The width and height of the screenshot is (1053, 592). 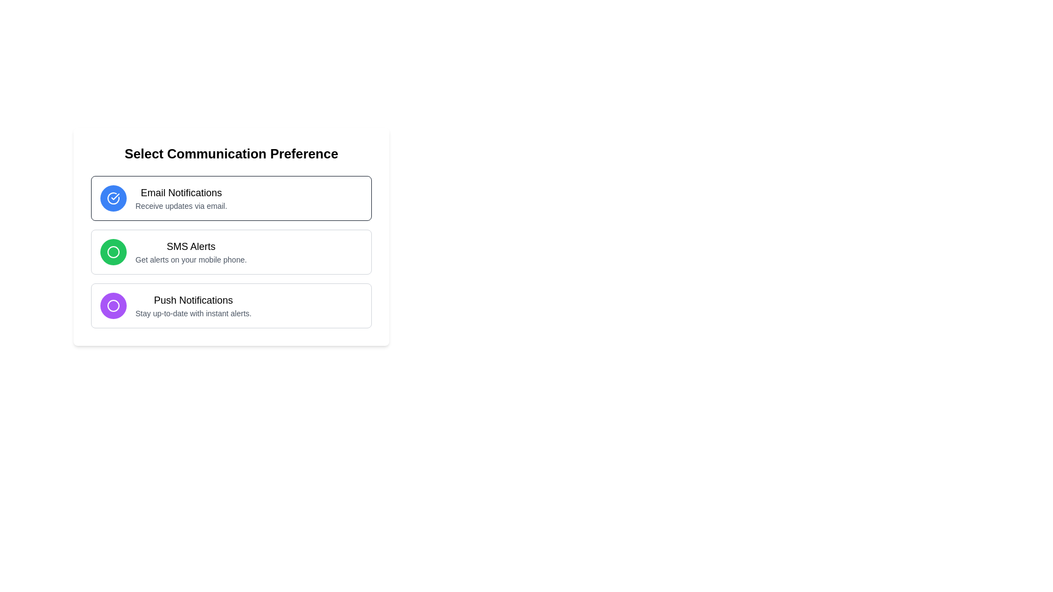 I want to click on the graphical icon associated with the 'Push Notifications' option, which is located next to the text 'Push Notifications' under the 'Select Communication Preference' heading, so click(x=113, y=306).